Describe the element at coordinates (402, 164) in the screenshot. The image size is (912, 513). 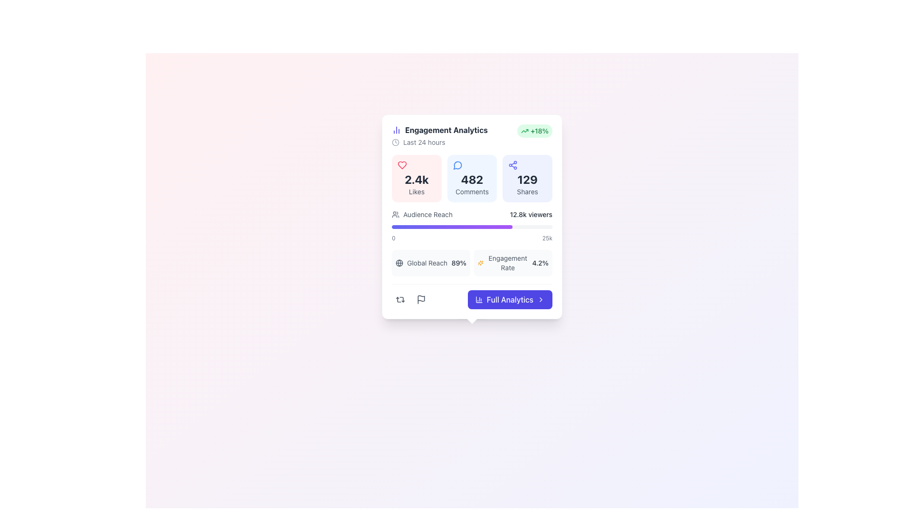
I see `the decorative icon representing likes, located to the left of '2.4k Likes' in the upper-left part of the analytics summary card` at that location.